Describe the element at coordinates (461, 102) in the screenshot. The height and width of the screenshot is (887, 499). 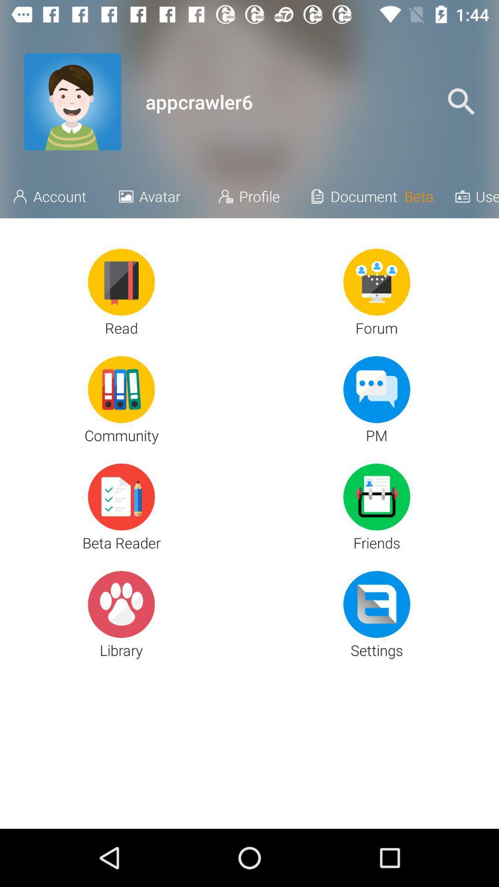
I see `the icon to the right of appcrawler6 icon` at that location.